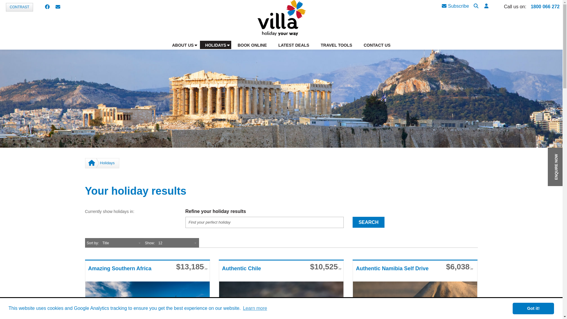 This screenshot has width=567, height=319. I want to click on 'Search', so click(476, 6).